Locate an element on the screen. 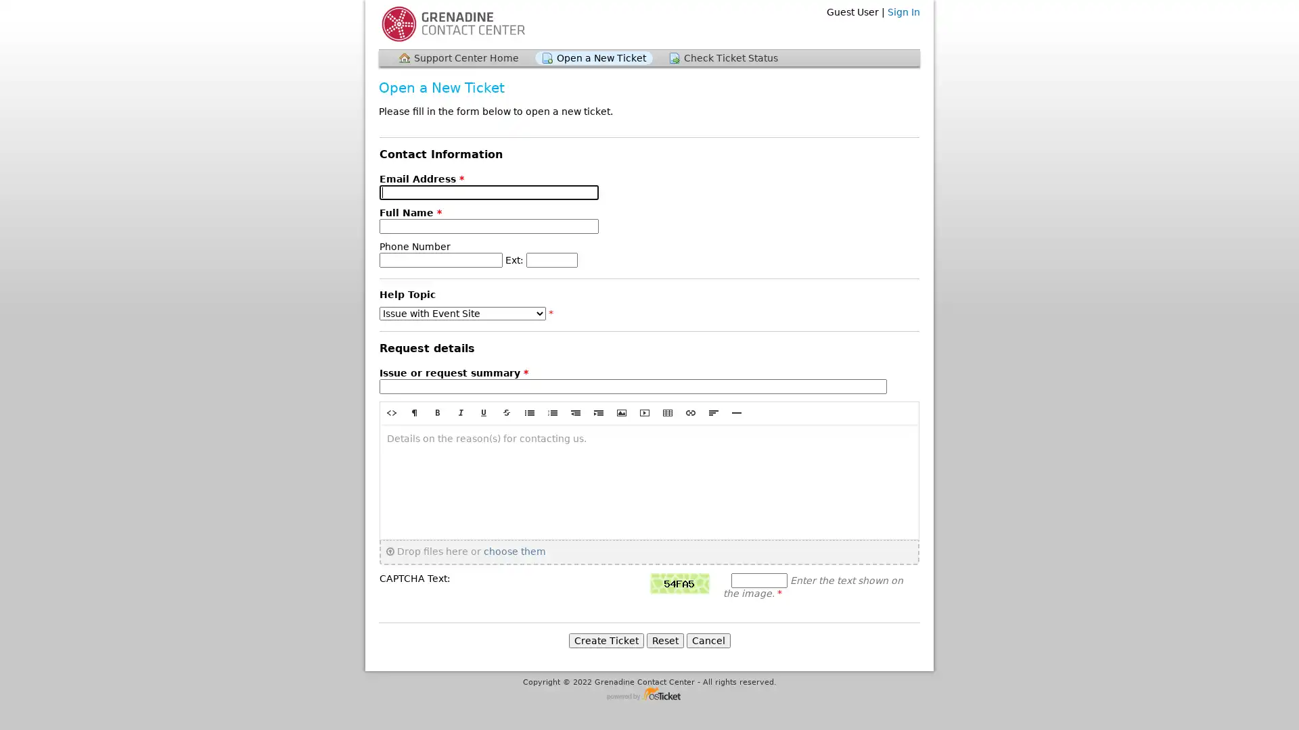 Image resolution: width=1299 pixels, height=730 pixels. Create Ticket is located at coordinates (605, 639).